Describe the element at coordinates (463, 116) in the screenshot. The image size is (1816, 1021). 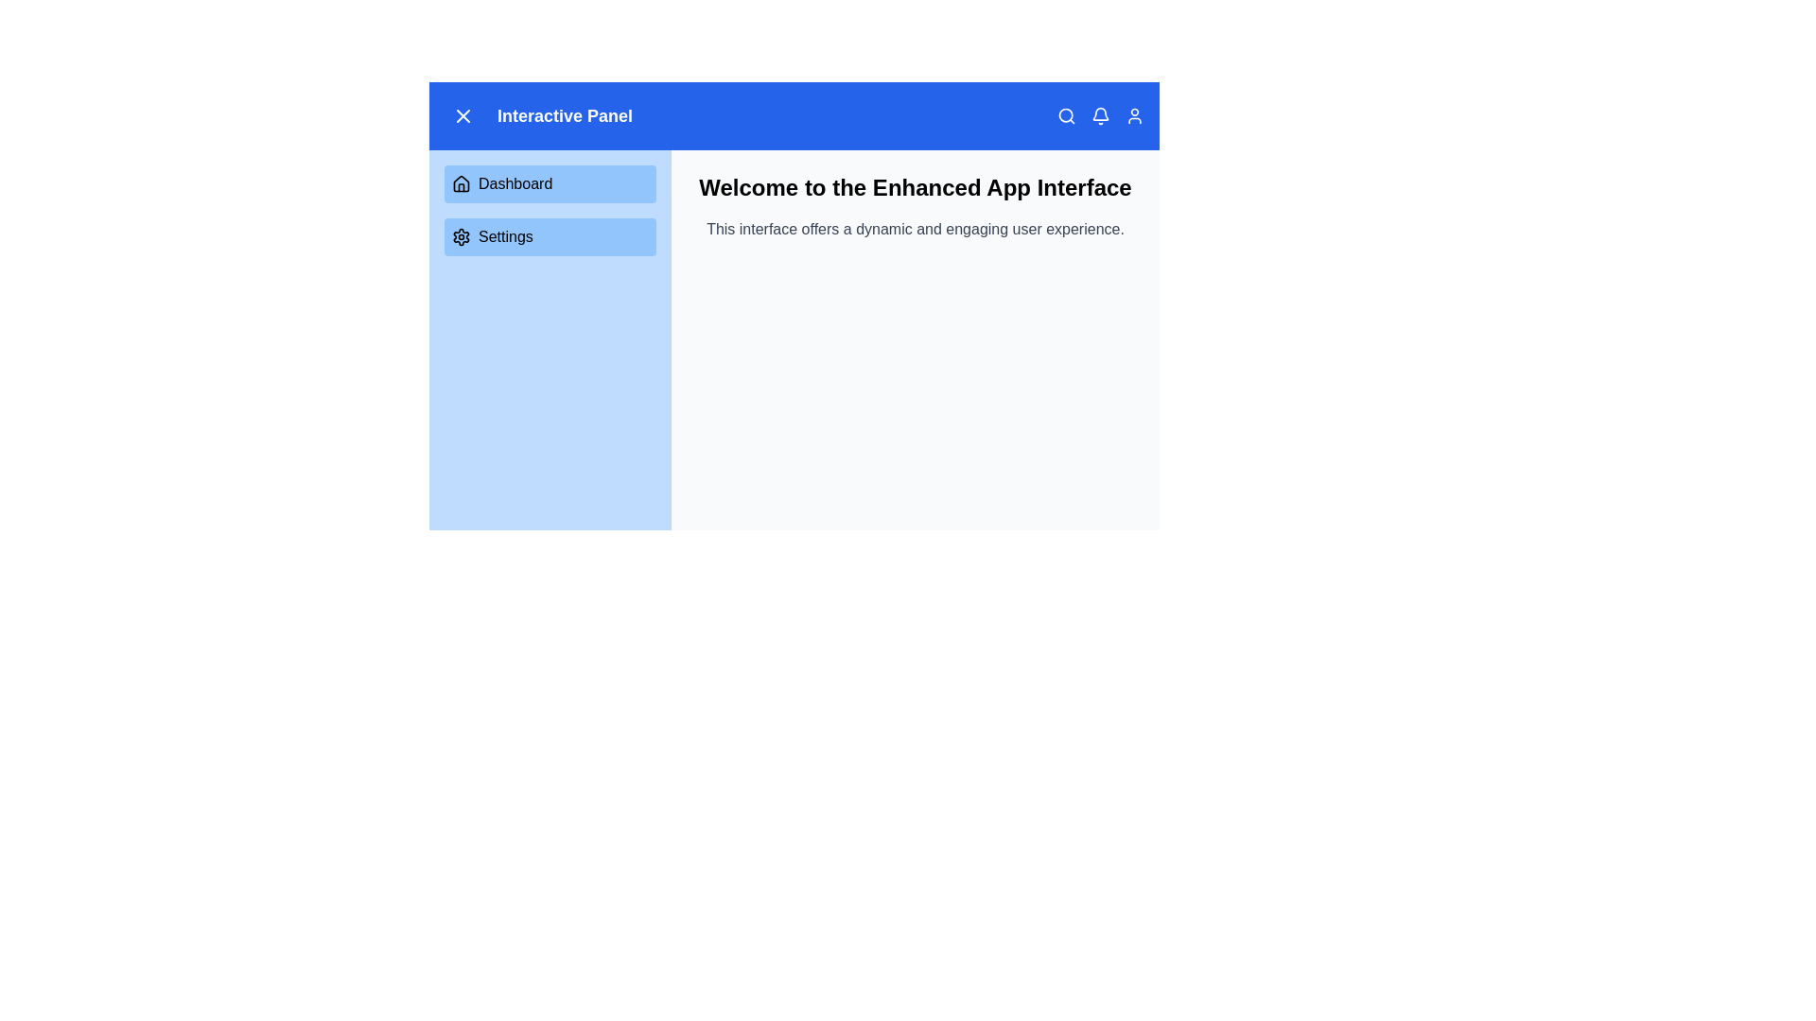
I see `the close button located in the top-left corner adjacent to the text 'Interactive Panel' to observe the hover effect` at that location.